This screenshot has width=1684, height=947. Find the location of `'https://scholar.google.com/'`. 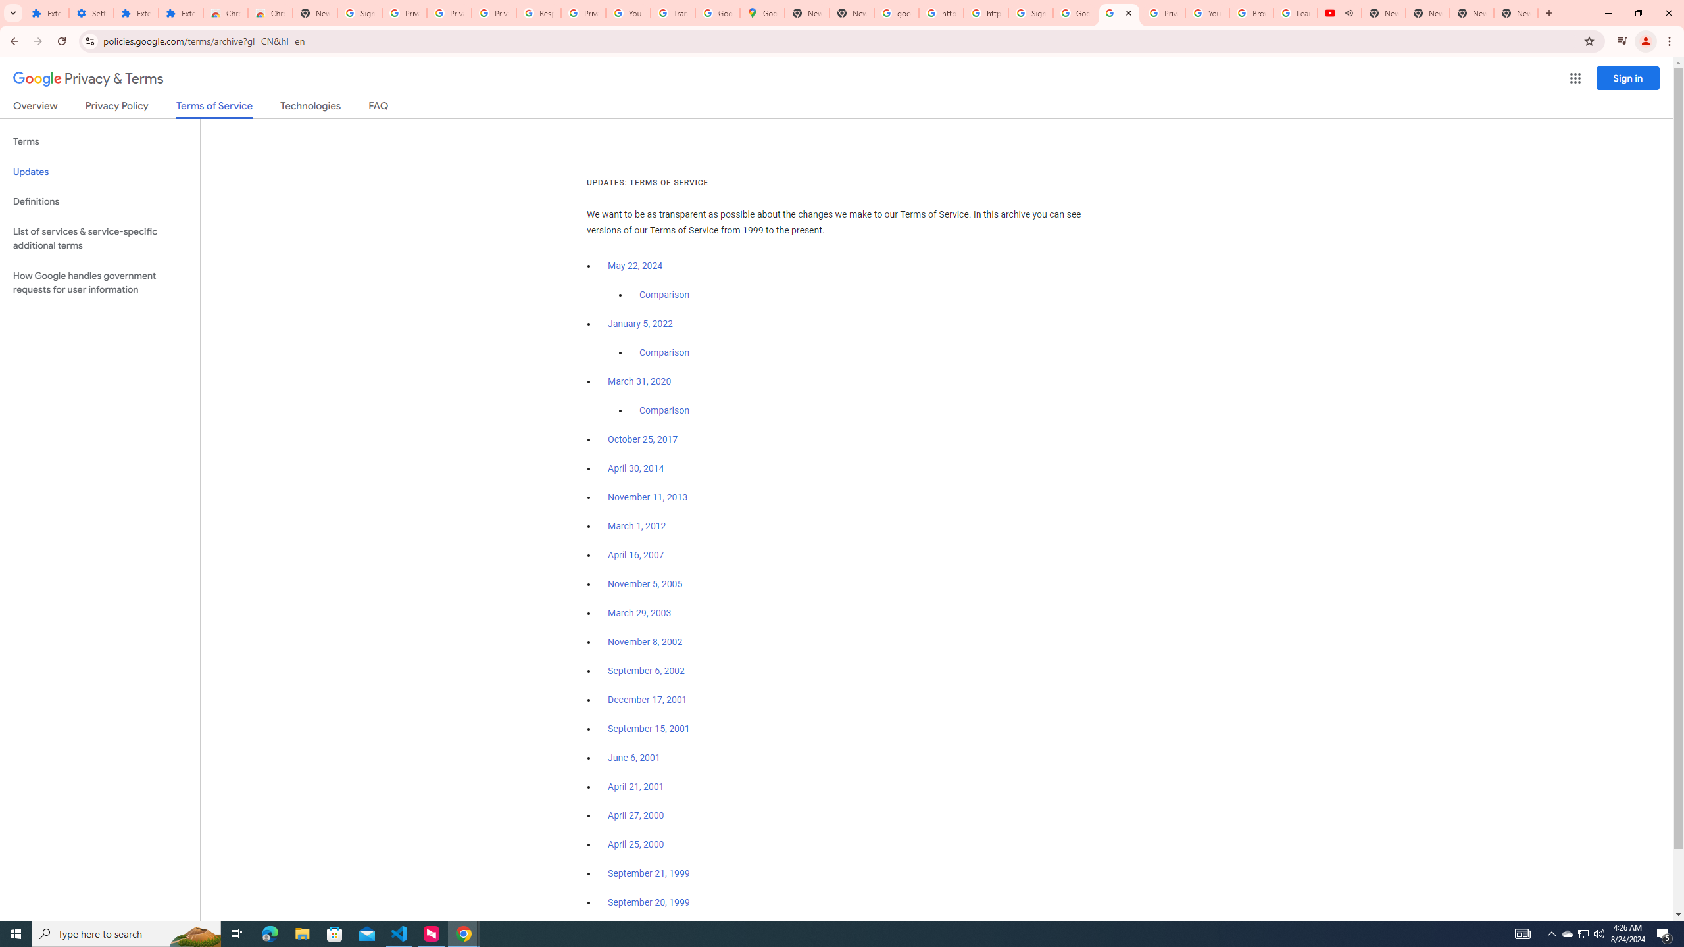

'https://scholar.google.com/' is located at coordinates (985, 12).